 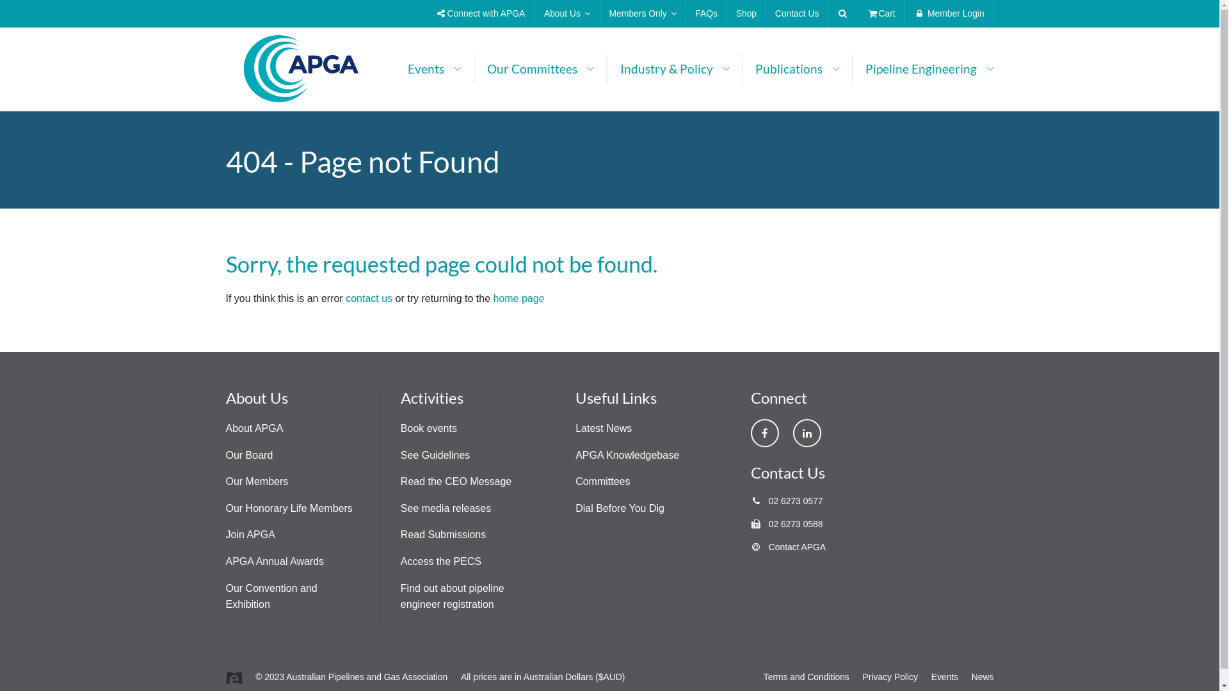 I want to click on '02 6273 0577', so click(x=785, y=500).